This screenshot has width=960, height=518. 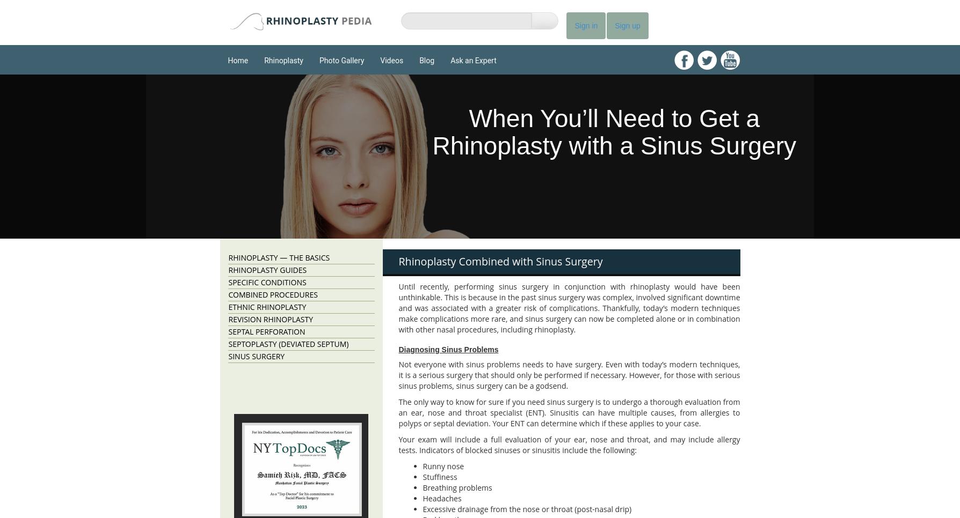 What do you see at coordinates (288, 343) in the screenshot?
I see `'SEPTOPLASTY (DEVIATED SEPTUM)'` at bounding box center [288, 343].